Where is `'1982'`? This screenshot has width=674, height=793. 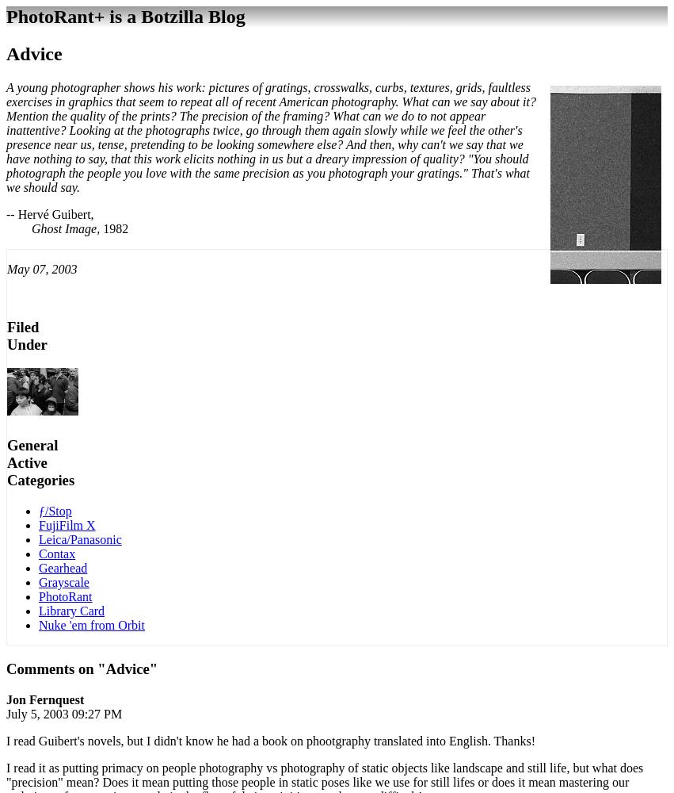
'1982' is located at coordinates (113, 228).